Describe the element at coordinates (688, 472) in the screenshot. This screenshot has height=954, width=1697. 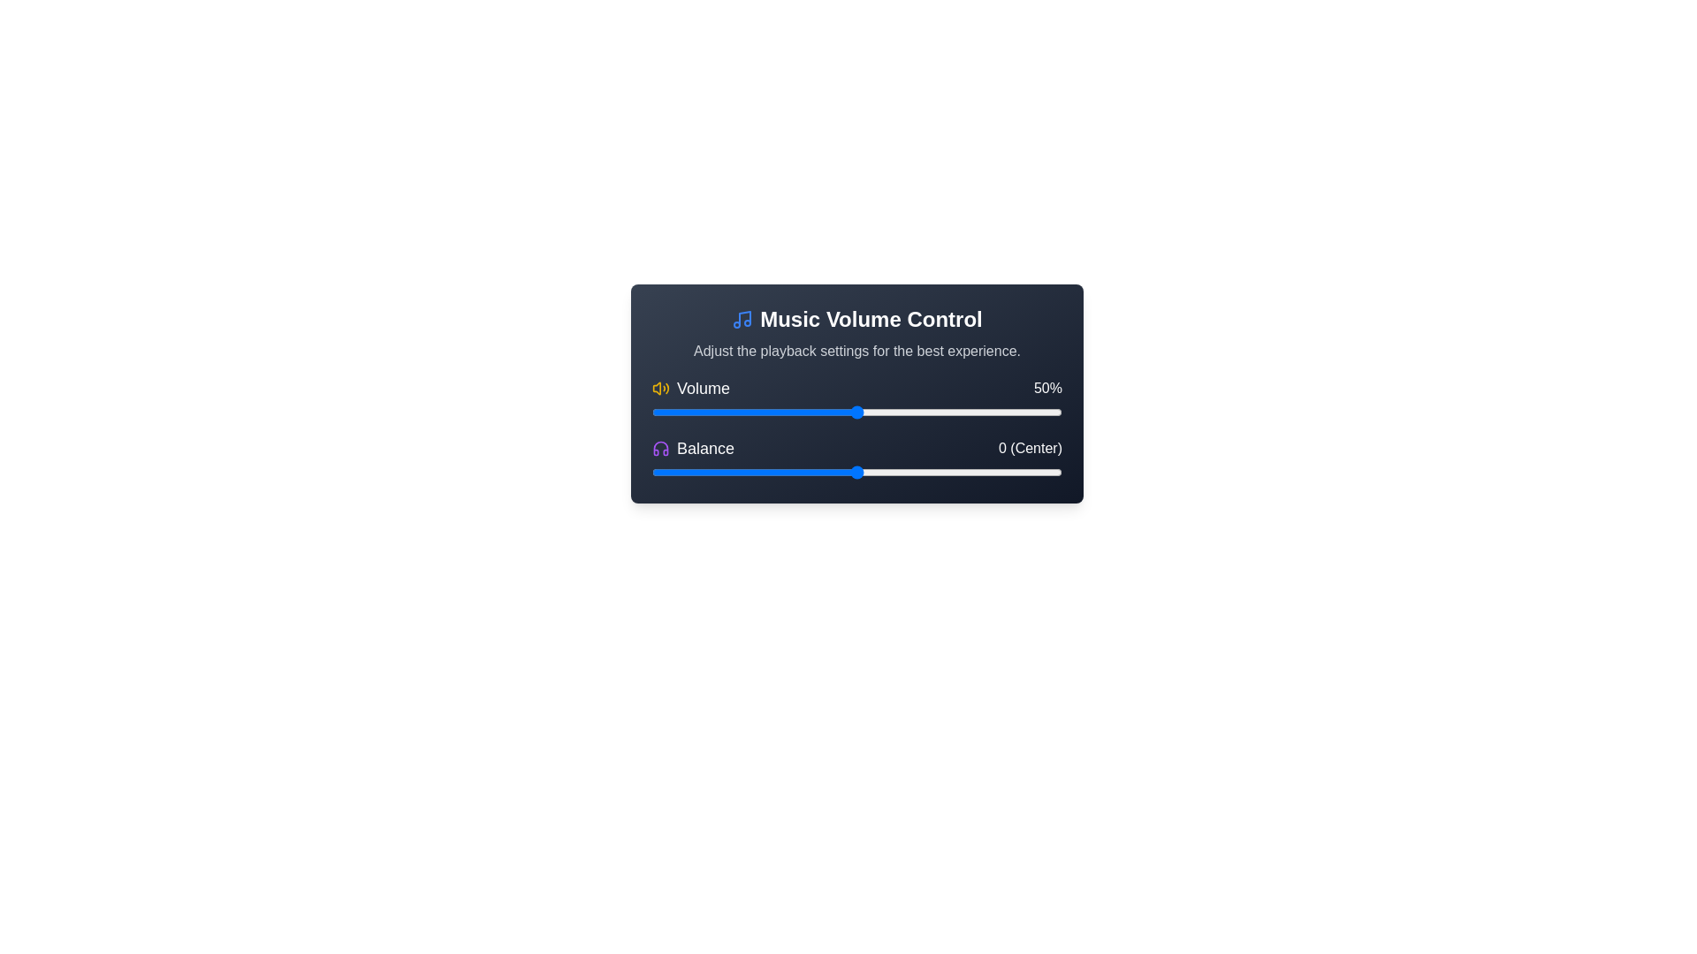
I see `the balance slider to -41 value` at that location.